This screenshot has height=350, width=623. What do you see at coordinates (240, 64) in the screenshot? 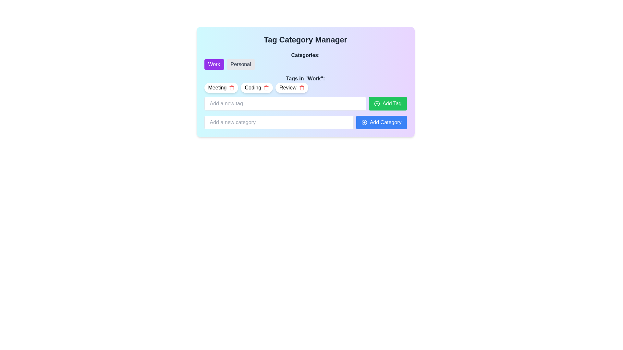
I see `the 'Personal' category button located to the right of the 'Work' button in the category selection row` at bounding box center [240, 64].